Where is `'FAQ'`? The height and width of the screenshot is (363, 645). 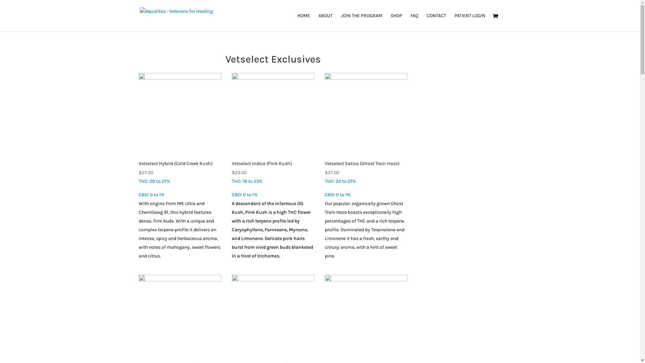
'FAQ' is located at coordinates (414, 22).